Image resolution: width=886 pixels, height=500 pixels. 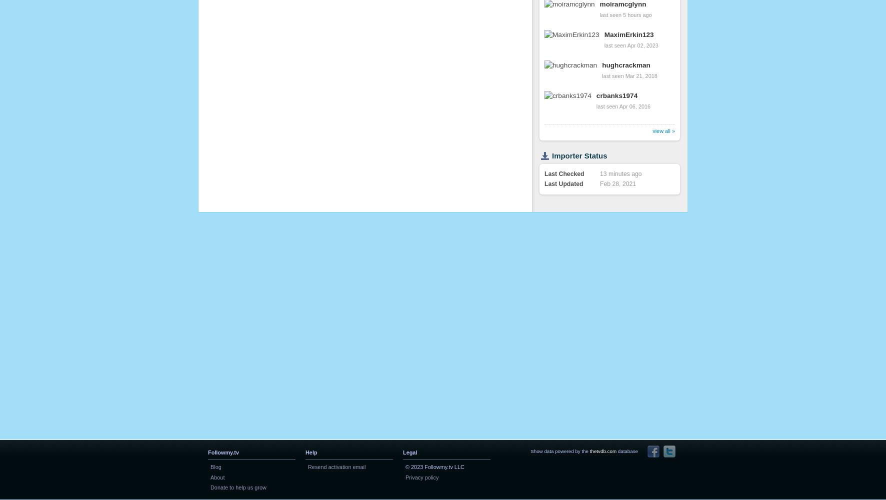 What do you see at coordinates (631, 44) in the screenshot?
I see `'last seen Apr 02, 2023'` at bounding box center [631, 44].